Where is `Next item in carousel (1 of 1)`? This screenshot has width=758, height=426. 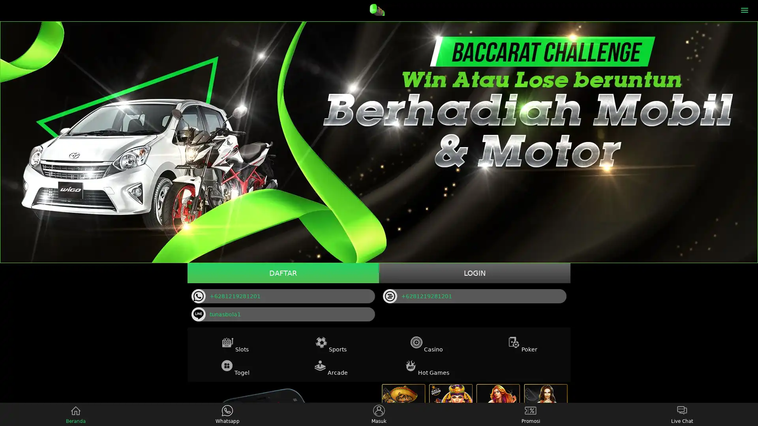 Next item in carousel (1 of 1) is located at coordinates (751, 142).